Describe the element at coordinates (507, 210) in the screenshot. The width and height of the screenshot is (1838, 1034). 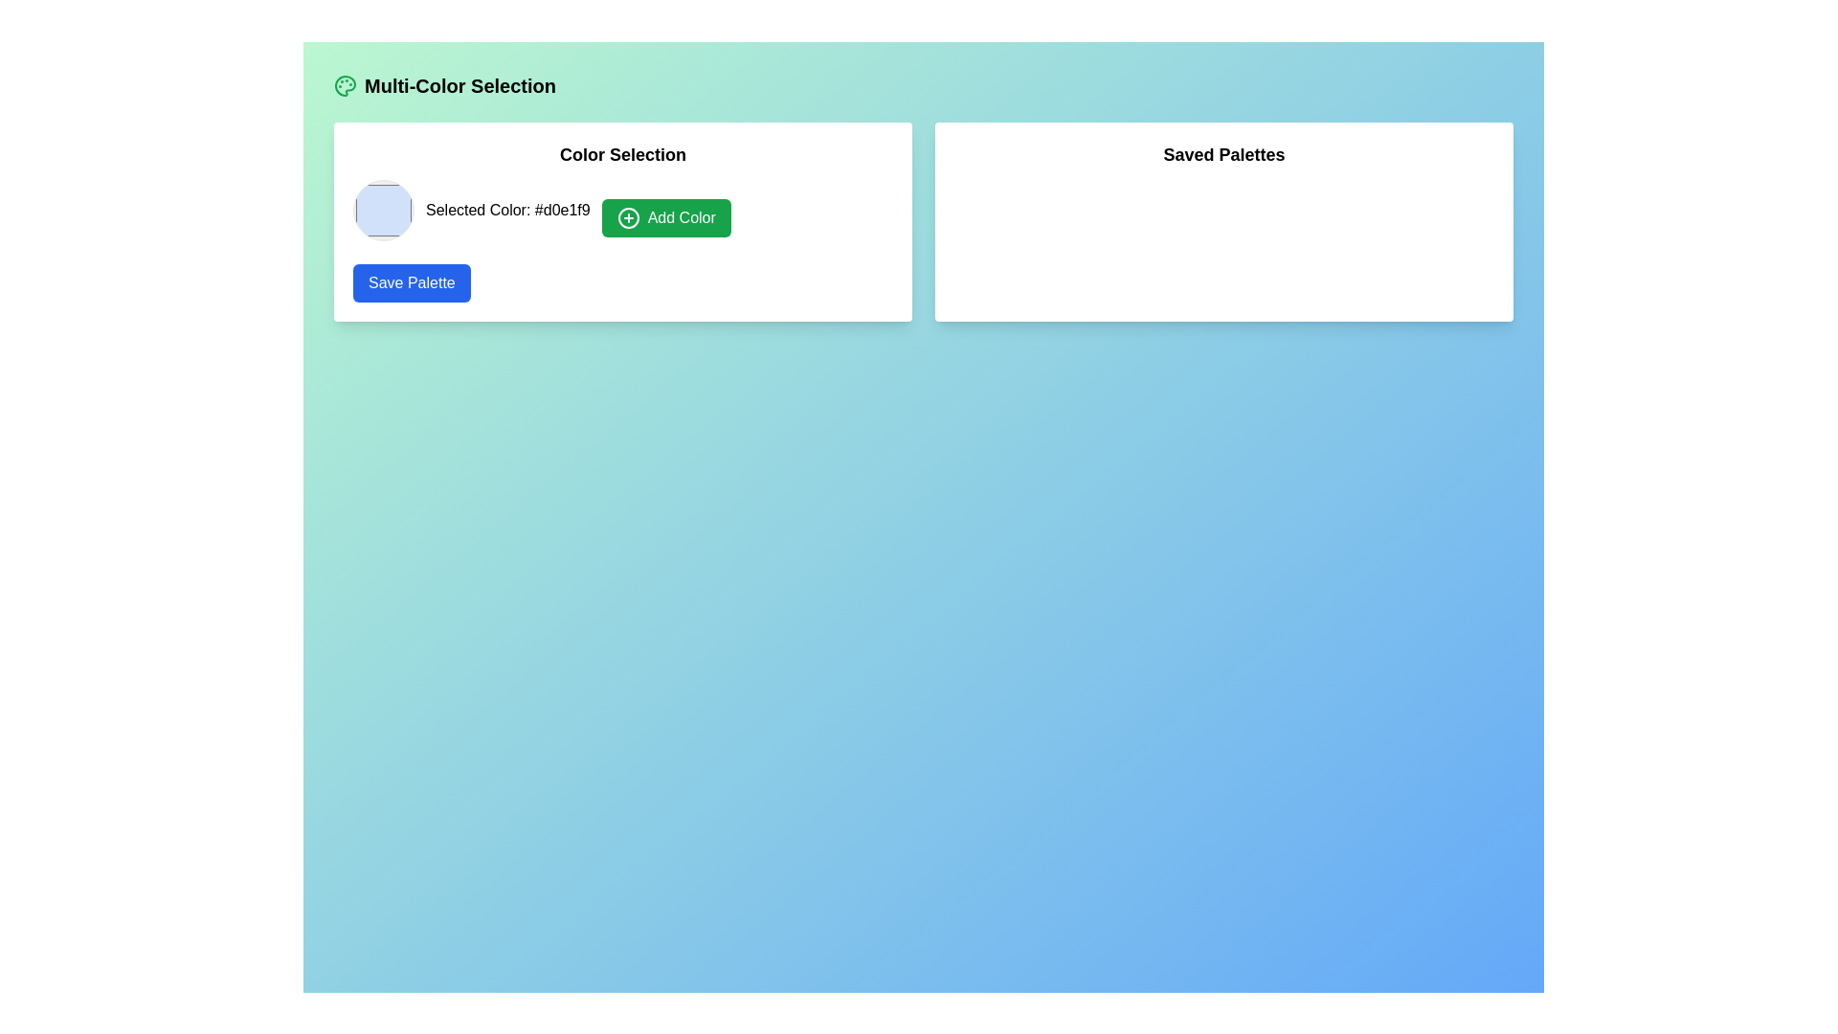
I see `the text label displaying the currently selected color value in hexadecimal format, located in the 'Color Selection' section, between a circular color swatch and a green button labeled 'Add Color'` at that location.